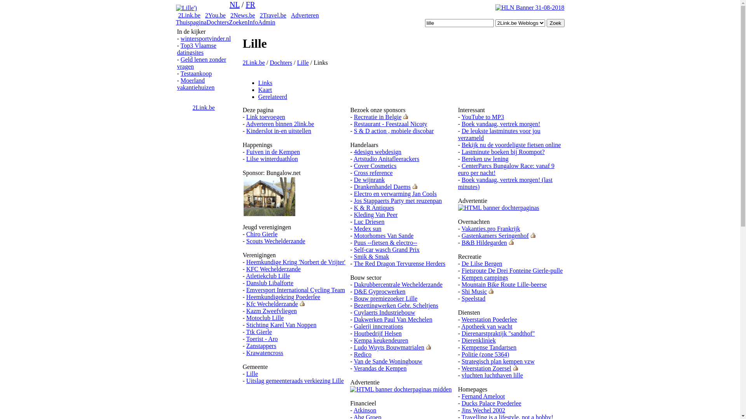 The height and width of the screenshot is (419, 746). What do you see at coordinates (246, 373) in the screenshot?
I see `'Lille'` at bounding box center [246, 373].